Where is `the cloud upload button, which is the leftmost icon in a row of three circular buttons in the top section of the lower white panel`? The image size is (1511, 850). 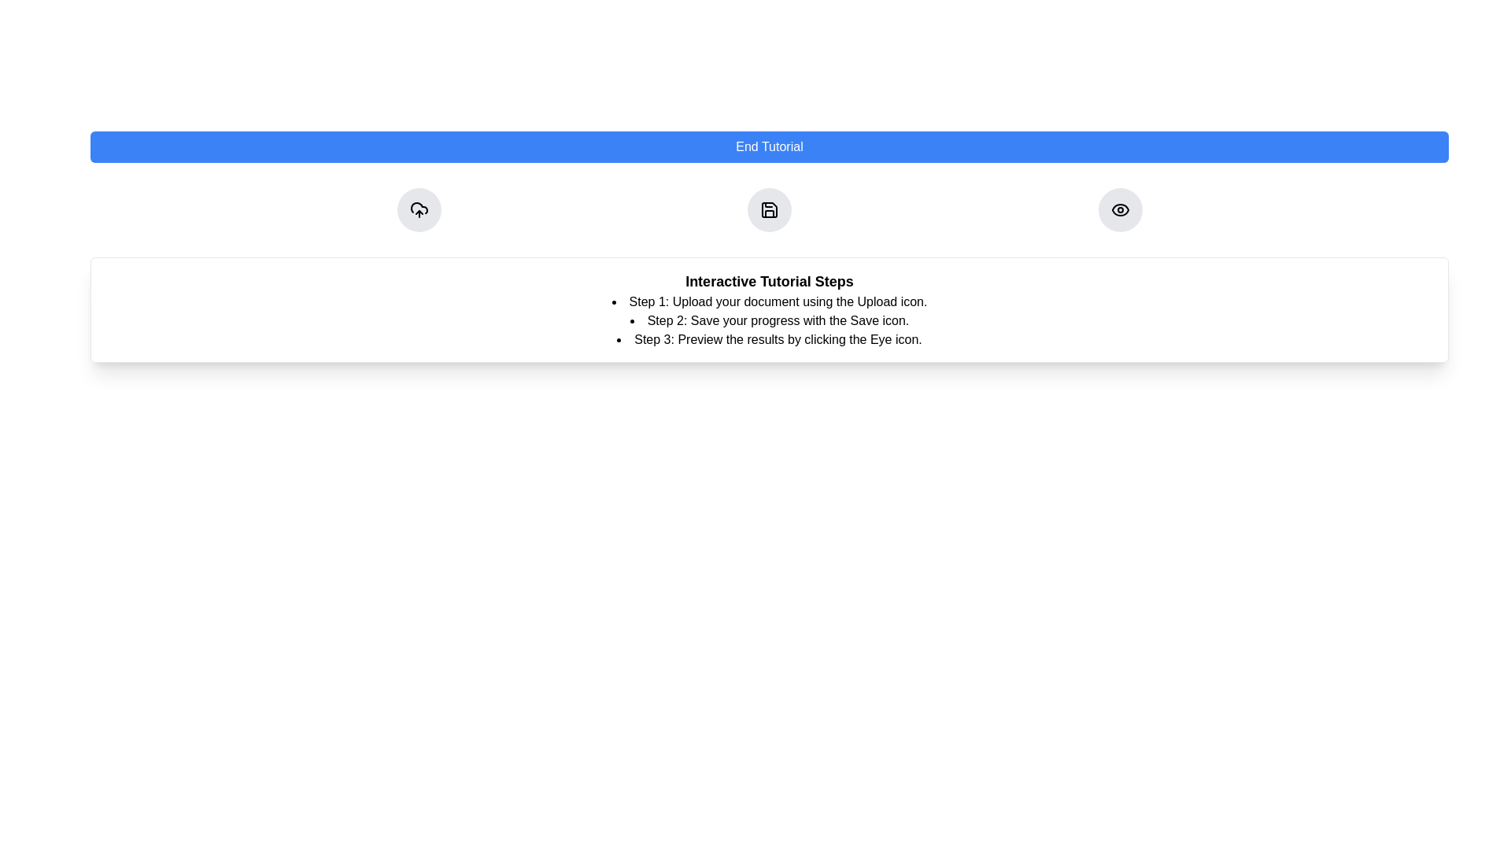
the cloud upload button, which is the leftmost icon in a row of three circular buttons in the top section of the lower white panel is located at coordinates (419, 209).